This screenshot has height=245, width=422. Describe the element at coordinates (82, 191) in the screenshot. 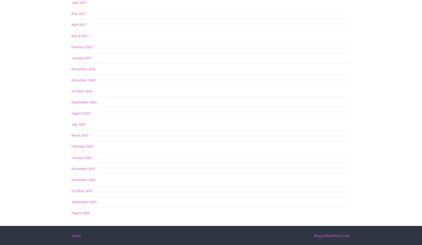

I see `'October 2015'` at that location.